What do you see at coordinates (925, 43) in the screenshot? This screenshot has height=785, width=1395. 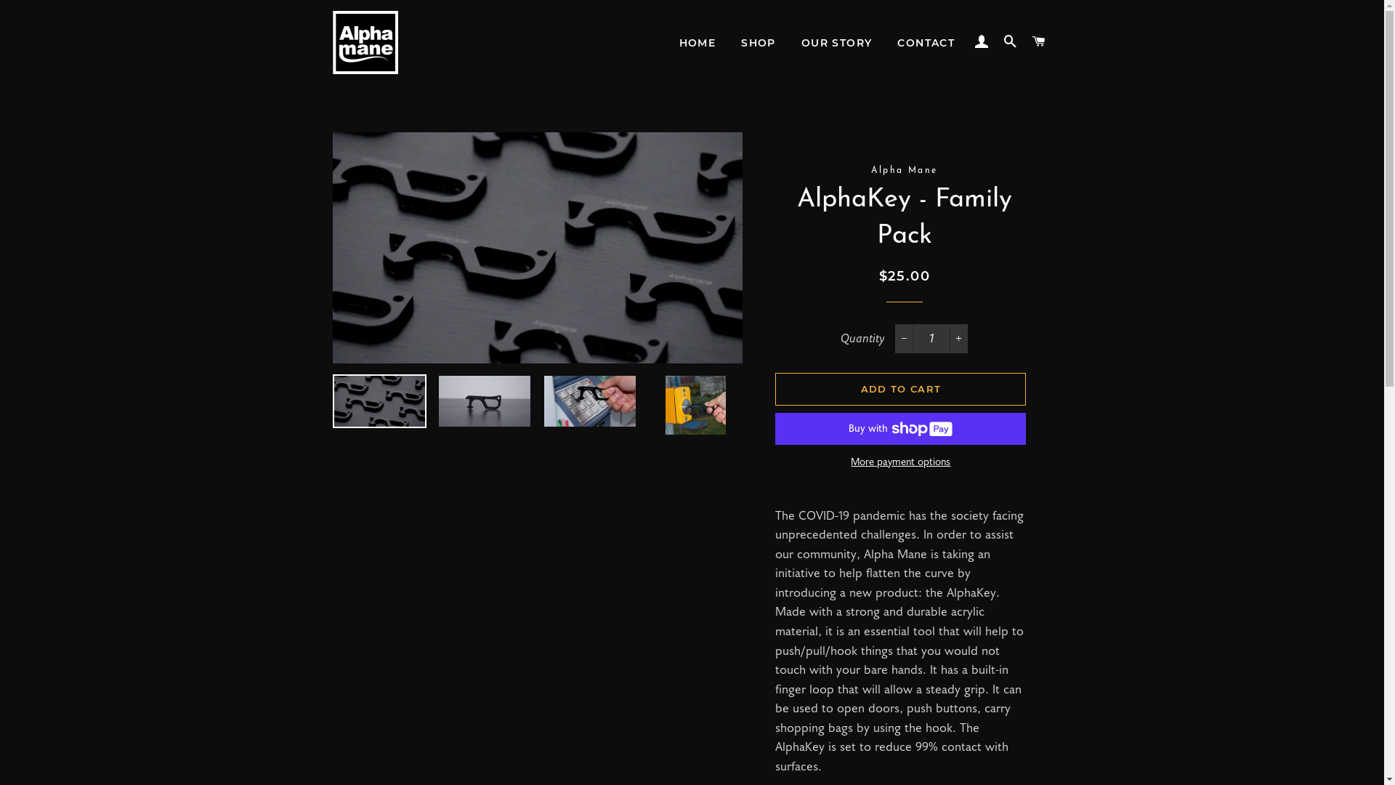 I see `'CONTACT'` at bounding box center [925, 43].